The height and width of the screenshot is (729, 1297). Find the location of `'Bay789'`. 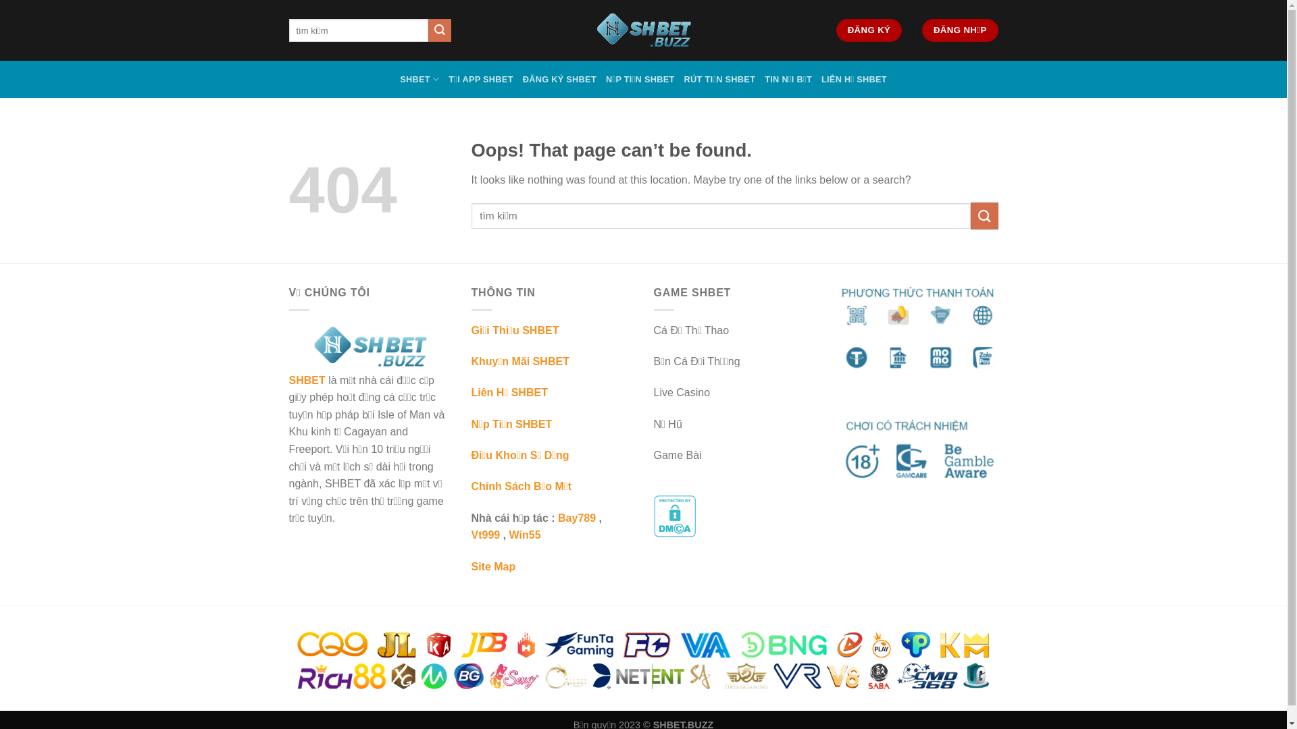

'Bay789' is located at coordinates (577, 517).